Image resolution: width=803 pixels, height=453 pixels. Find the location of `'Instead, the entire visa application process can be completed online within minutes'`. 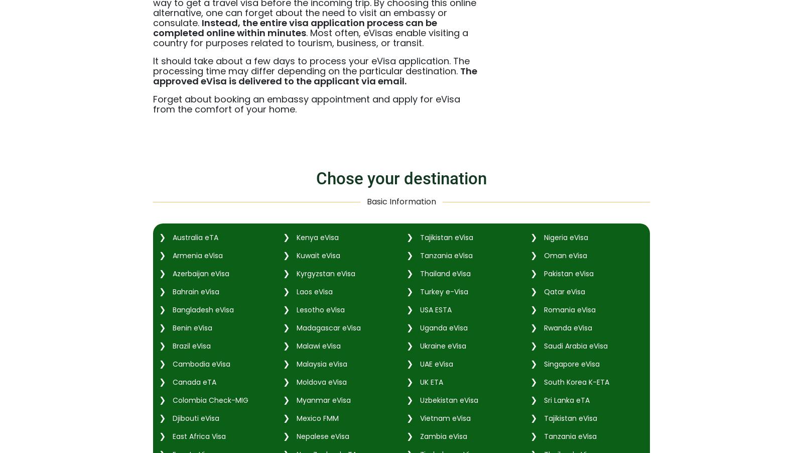

'Instead, the entire visa application process can be completed online within minutes' is located at coordinates (295, 27).